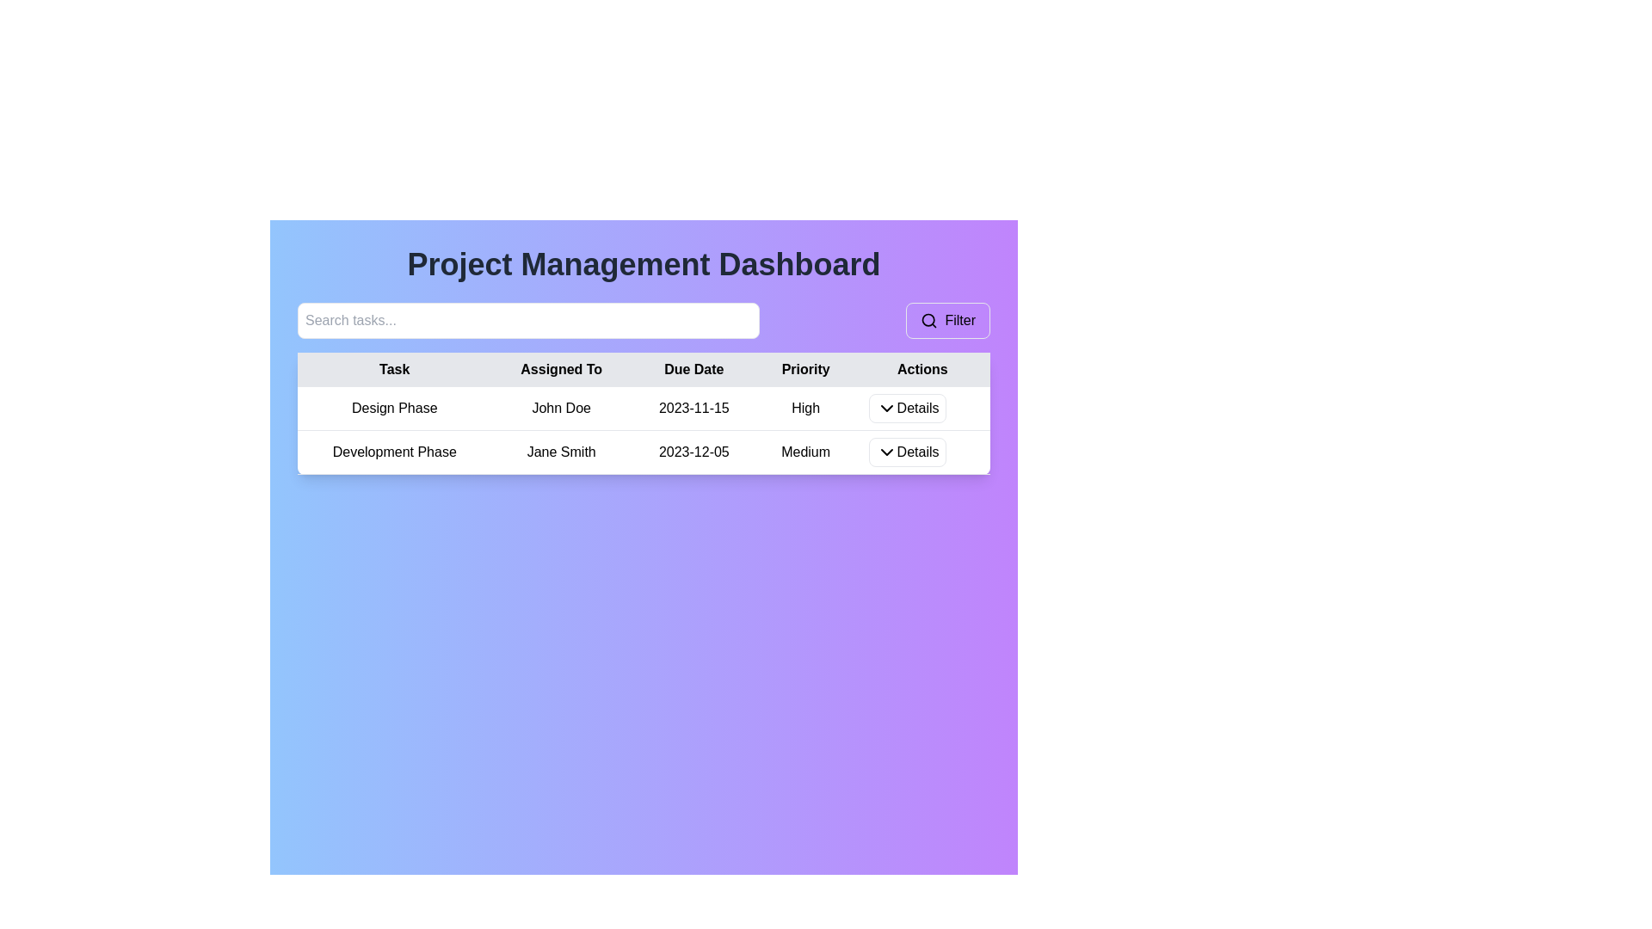 The height and width of the screenshot is (929, 1652). I want to click on the first row of the table in the Project Management Dashboard, which displays task details including 'Design Phase', 'John Doe', '2023-11-15', 'High', and a 'Details' button, so click(643, 409).